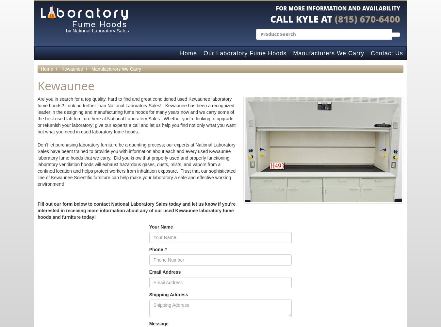 The height and width of the screenshot is (327, 441). I want to click on 'Your Name', so click(149, 226).